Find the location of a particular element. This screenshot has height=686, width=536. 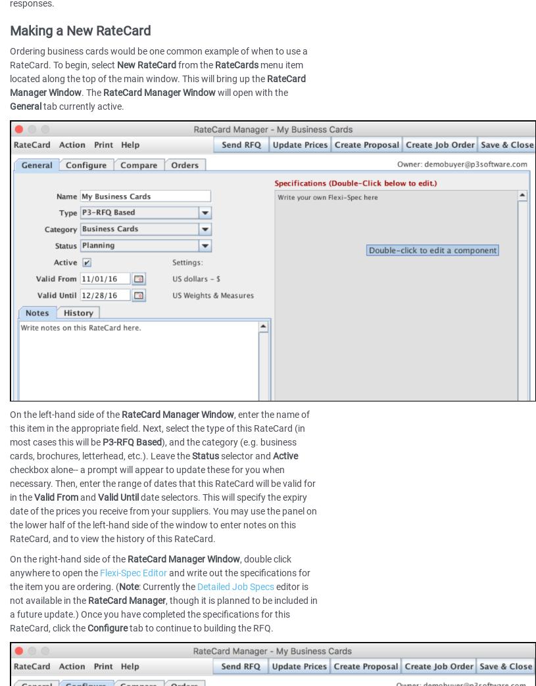

'RateCard Manager' is located at coordinates (126, 599).